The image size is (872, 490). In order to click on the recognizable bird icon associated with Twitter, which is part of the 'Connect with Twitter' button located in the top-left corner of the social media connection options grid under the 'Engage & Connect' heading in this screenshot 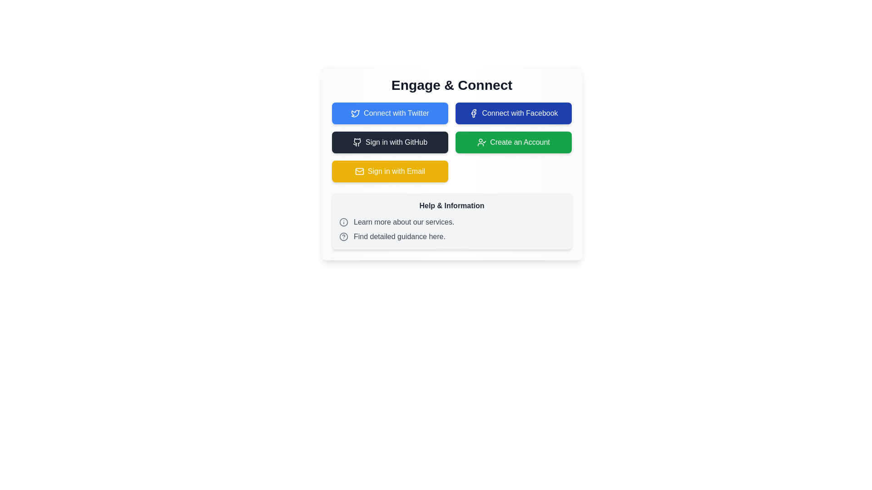, I will do `click(355, 113)`.